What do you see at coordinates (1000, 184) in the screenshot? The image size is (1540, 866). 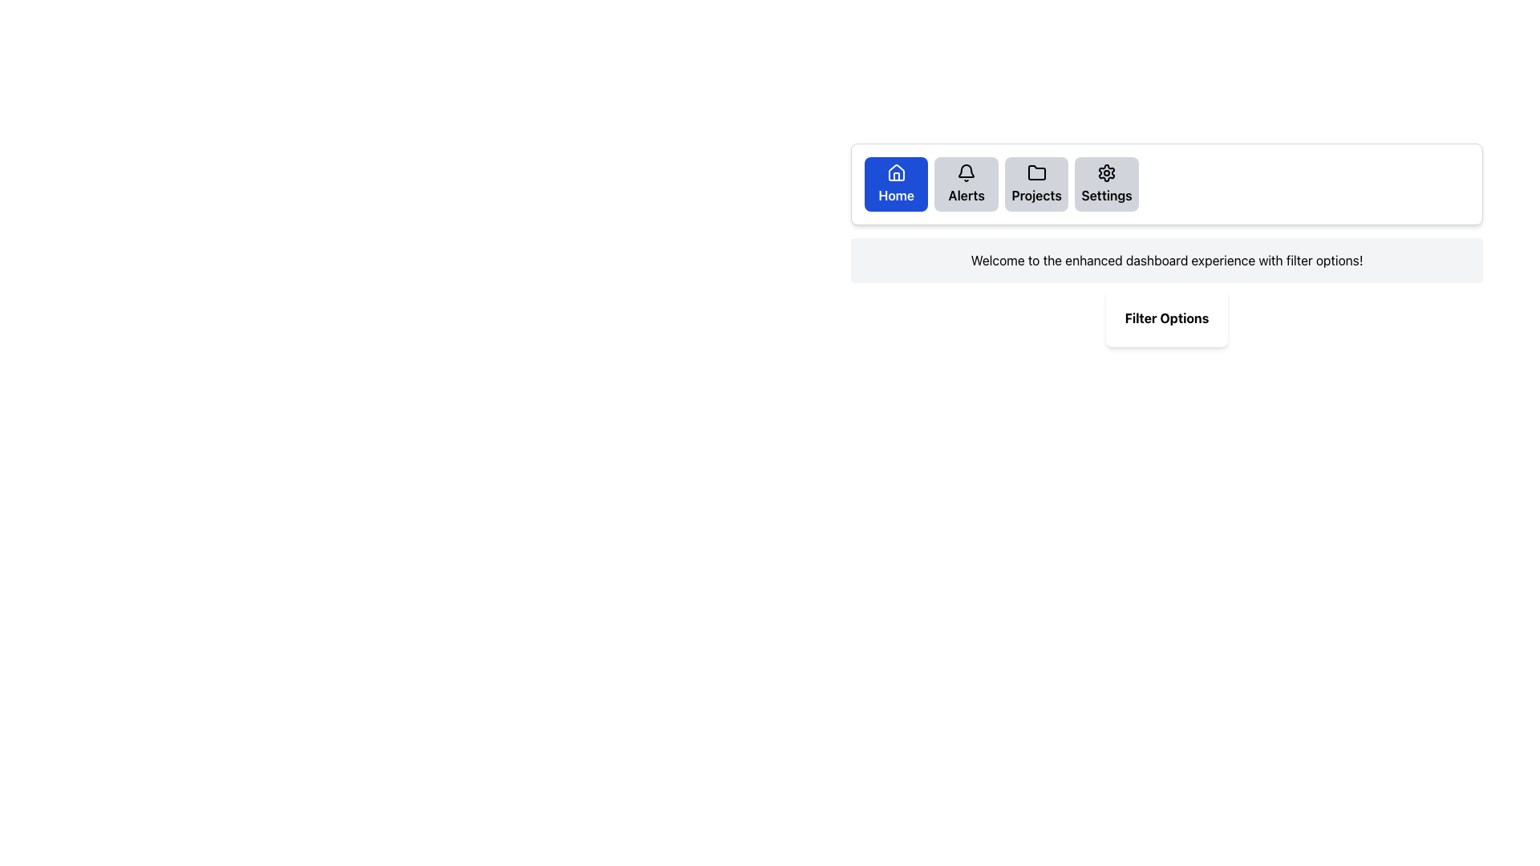 I see `the 'Projects' button in the Navigation Bar, which is a horizontal grid layout containing interactive buttons for 'Home', 'Alerts', 'Projects', and 'Settings'` at bounding box center [1000, 184].